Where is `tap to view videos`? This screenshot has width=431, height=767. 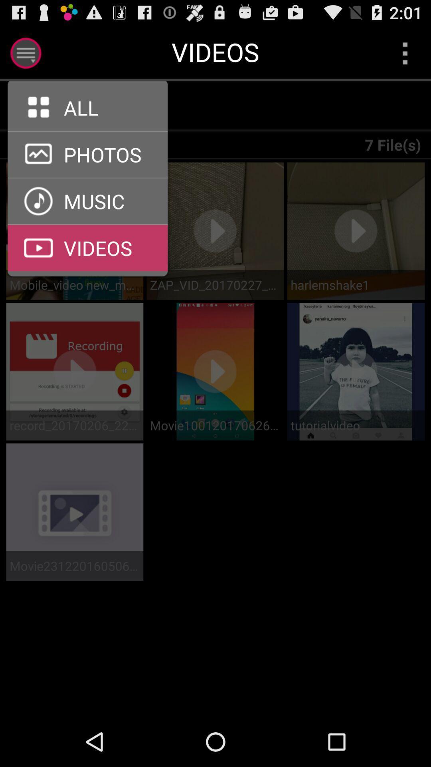
tap to view videos is located at coordinates (87, 224).